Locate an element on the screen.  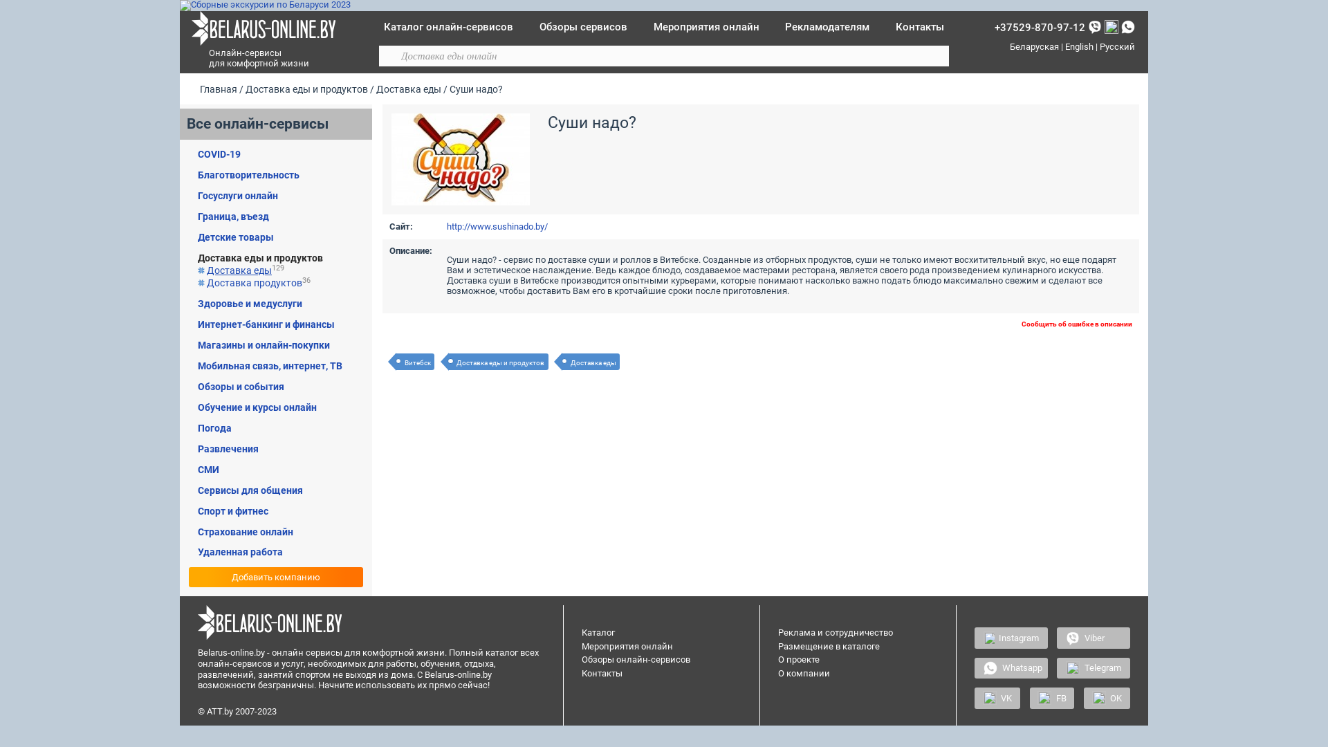
'English' is located at coordinates (1064, 46).